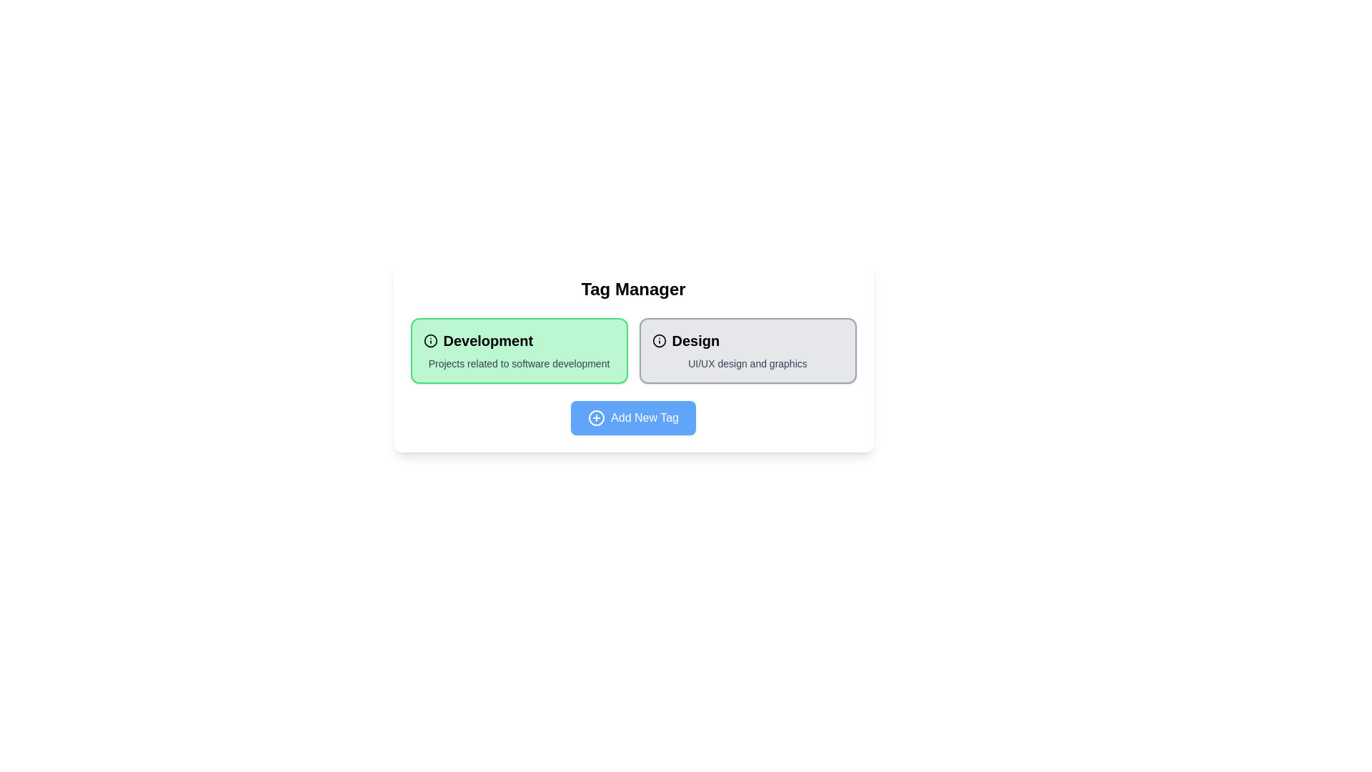 The image size is (1372, 772). What do you see at coordinates (658, 341) in the screenshot?
I see `the information icon located in the 'Design' section, adjacent to the text 'Design'` at bounding box center [658, 341].